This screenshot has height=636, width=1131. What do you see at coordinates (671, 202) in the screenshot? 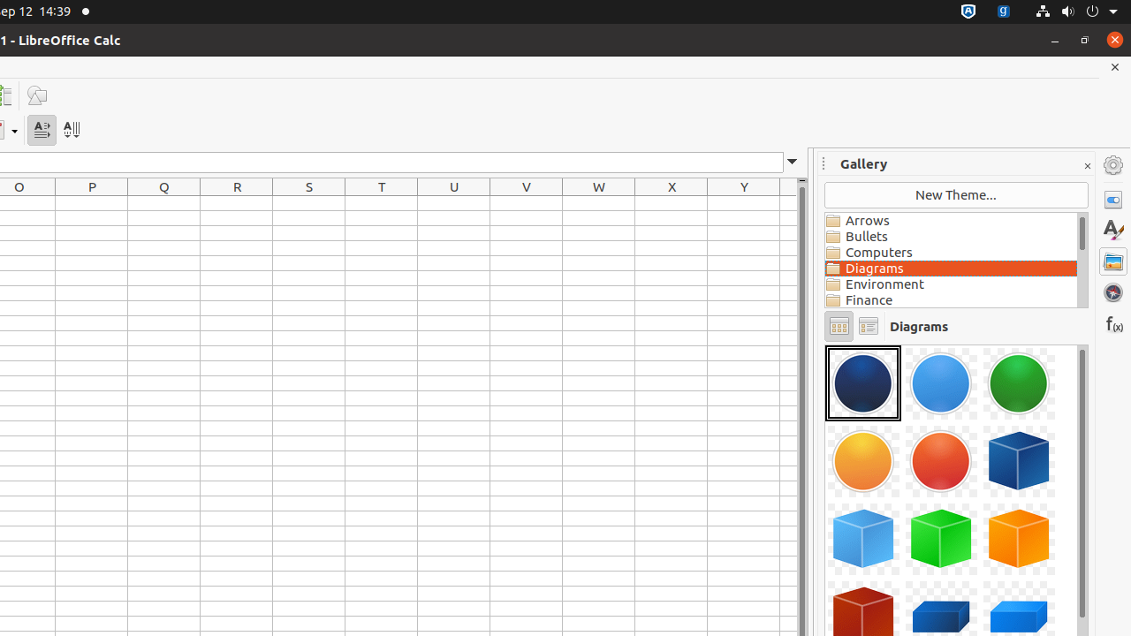
I see `'X1'` at bounding box center [671, 202].